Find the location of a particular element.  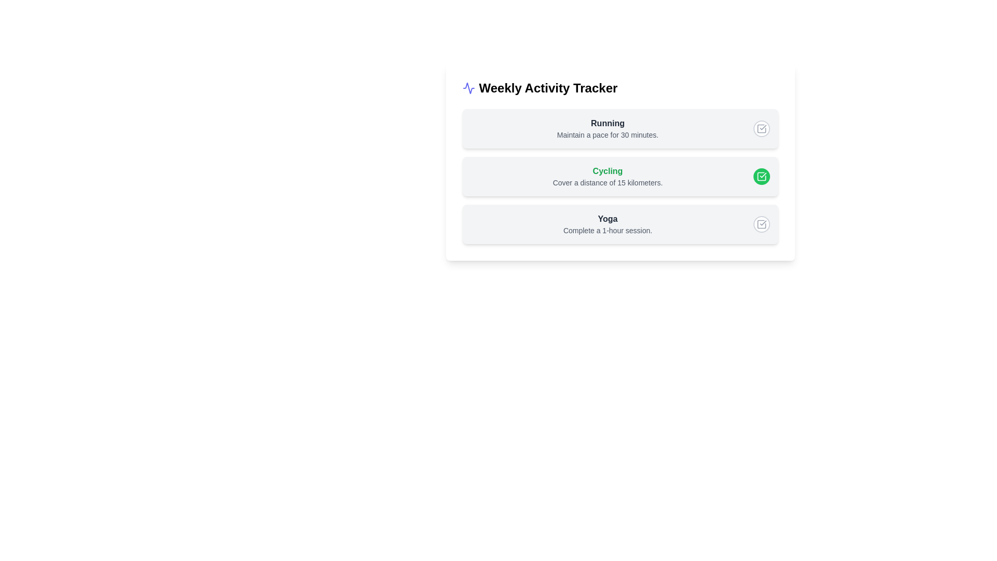

the TextBlock displaying the heading 'Yoga' and the description 'Complete a 1-hour session.' which is the third item in the 'Weekly Activity Tracker' is located at coordinates (608, 224).